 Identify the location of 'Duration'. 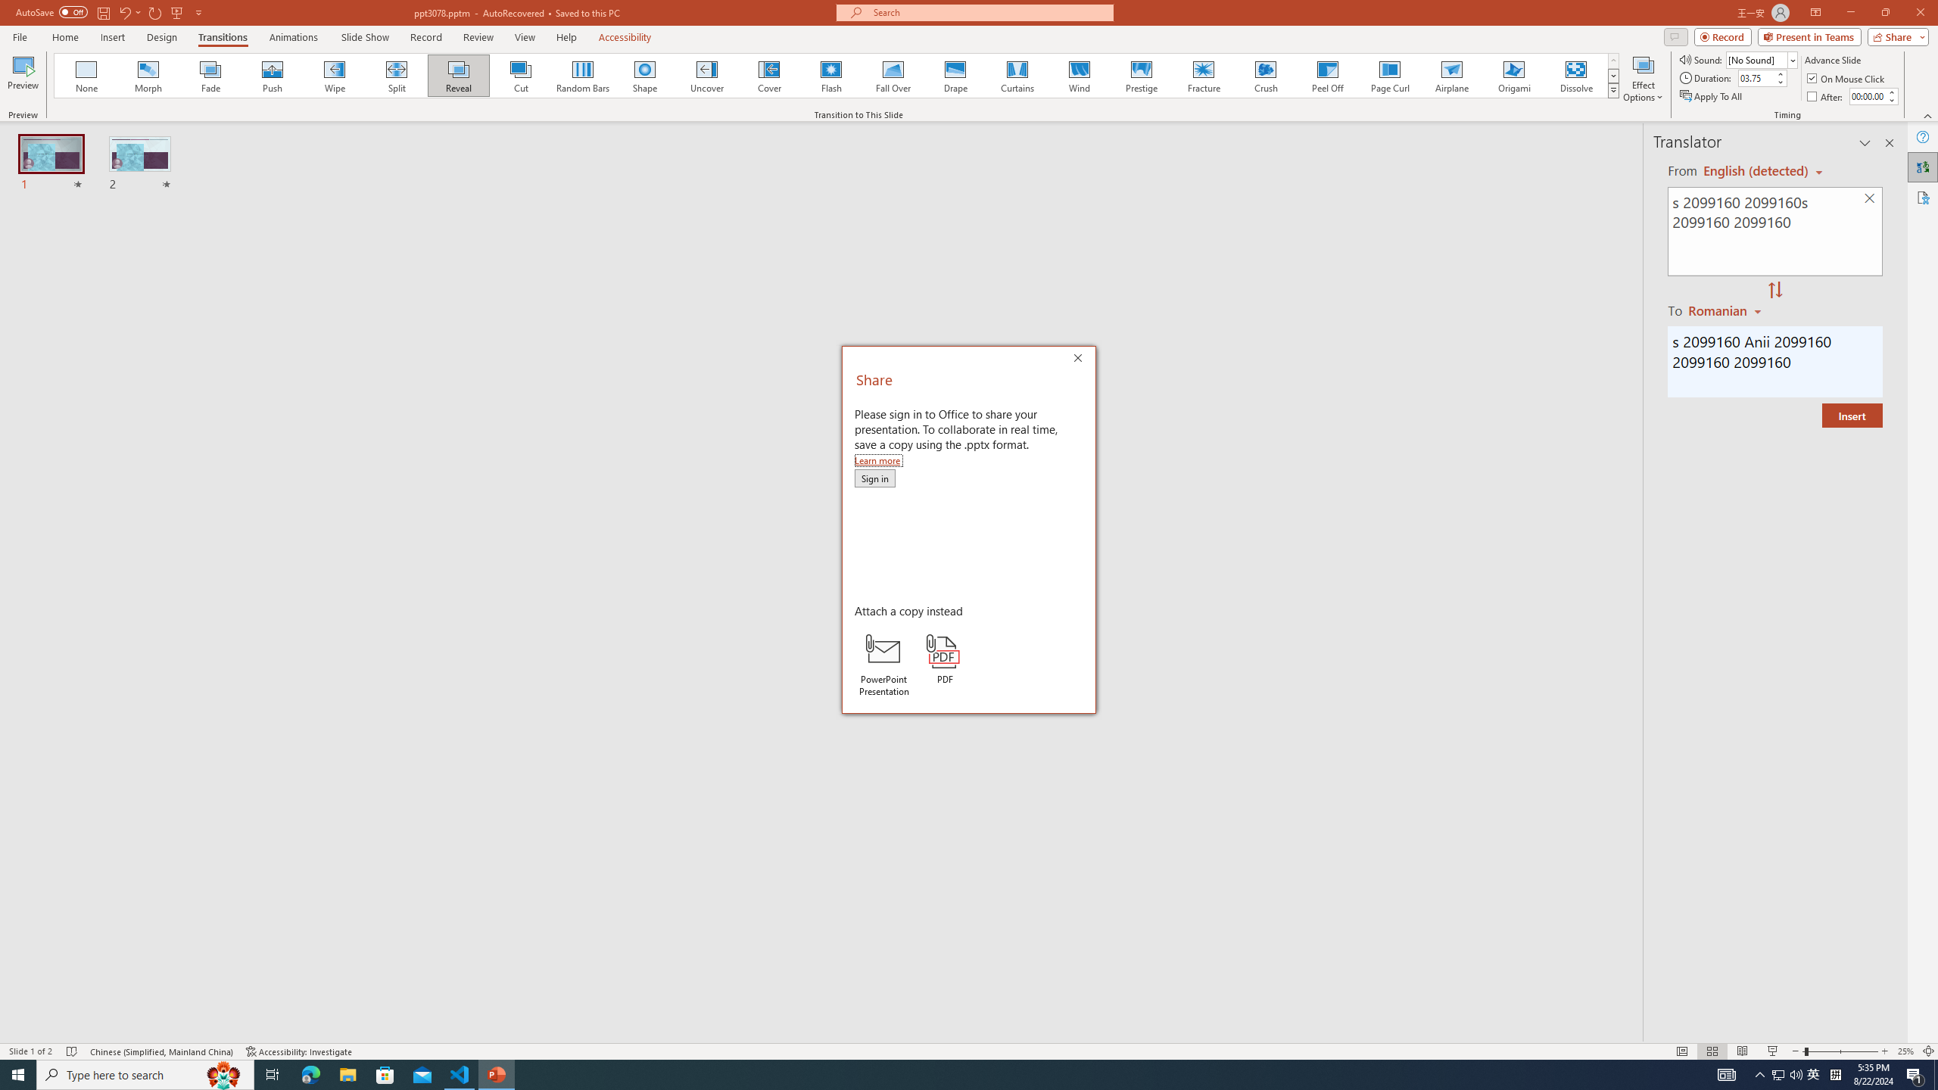
(1756, 77).